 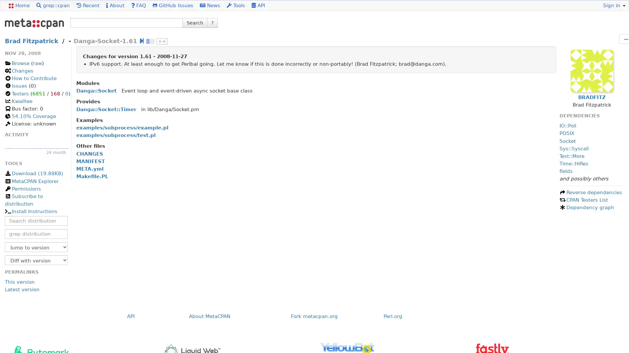 What do you see at coordinates (212, 22) in the screenshot?
I see `?` at bounding box center [212, 22].